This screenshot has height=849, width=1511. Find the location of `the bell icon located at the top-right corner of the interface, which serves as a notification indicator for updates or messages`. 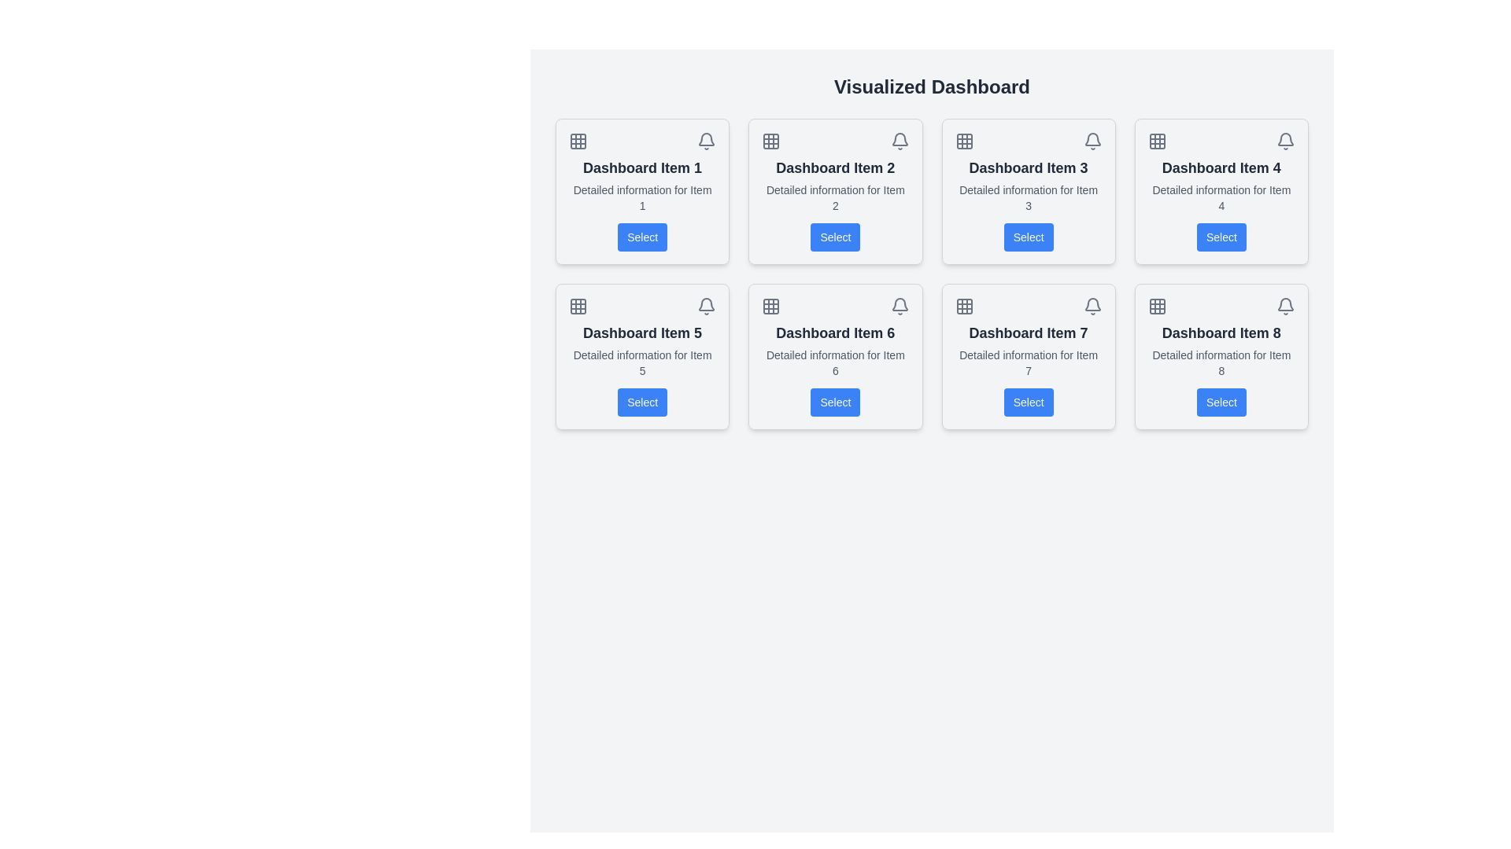

the bell icon located at the top-right corner of the interface, which serves as a notification indicator for updates or messages is located at coordinates (900, 141).